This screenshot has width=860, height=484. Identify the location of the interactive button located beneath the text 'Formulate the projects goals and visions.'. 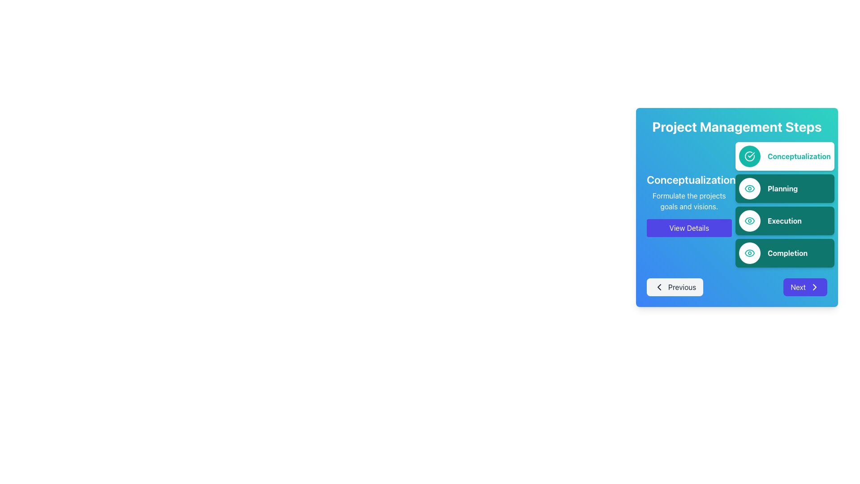
(688, 228).